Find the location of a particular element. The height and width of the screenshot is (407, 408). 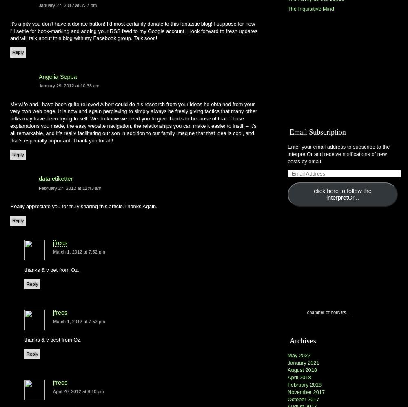

'Really appreciate you for truly sharing this article.Thanks Again.' is located at coordinates (83, 206).